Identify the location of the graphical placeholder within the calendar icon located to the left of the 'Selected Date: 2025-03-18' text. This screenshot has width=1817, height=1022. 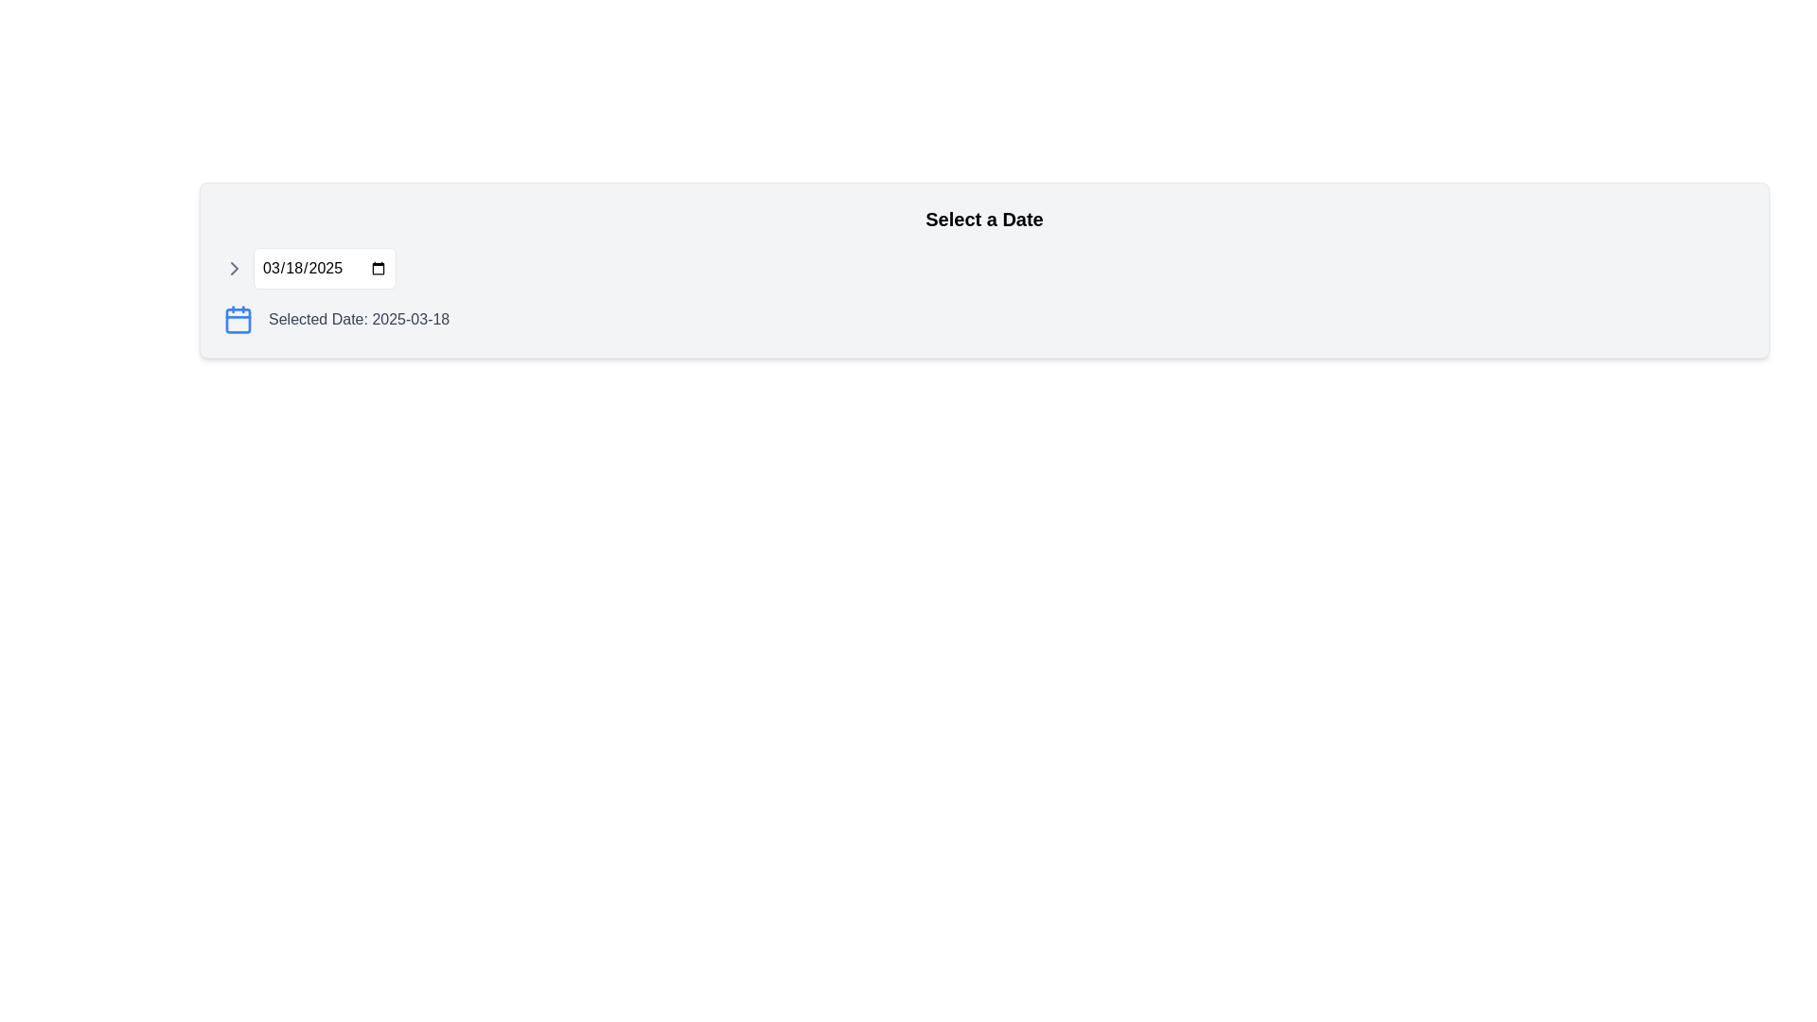
(238, 320).